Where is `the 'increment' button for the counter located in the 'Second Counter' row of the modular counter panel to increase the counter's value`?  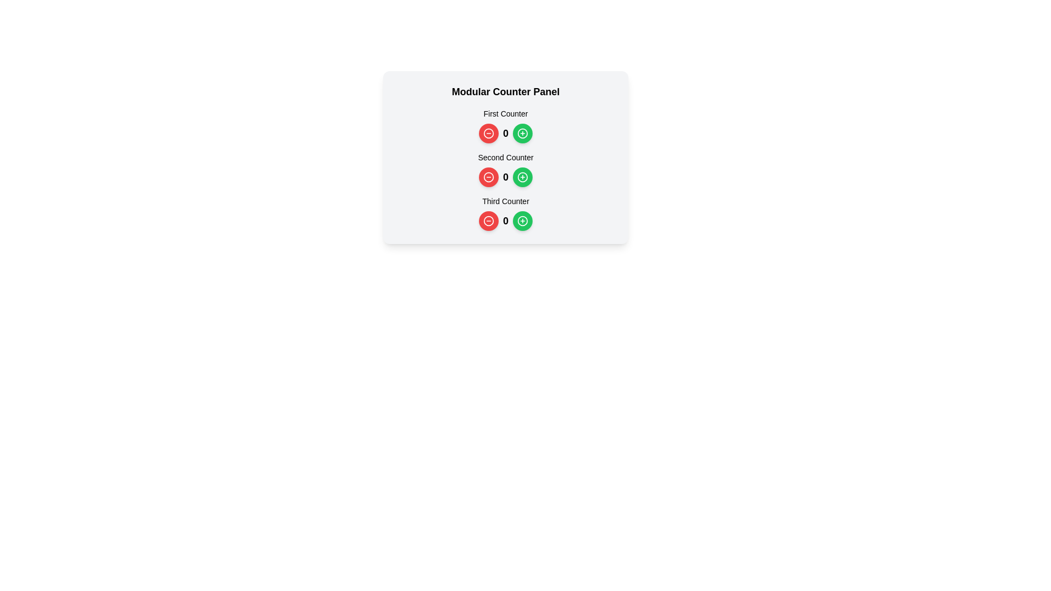
the 'increment' button for the counter located in the 'Second Counter' row of the modular counter panel to increase the counter's value is located at coordinates (522, 177).